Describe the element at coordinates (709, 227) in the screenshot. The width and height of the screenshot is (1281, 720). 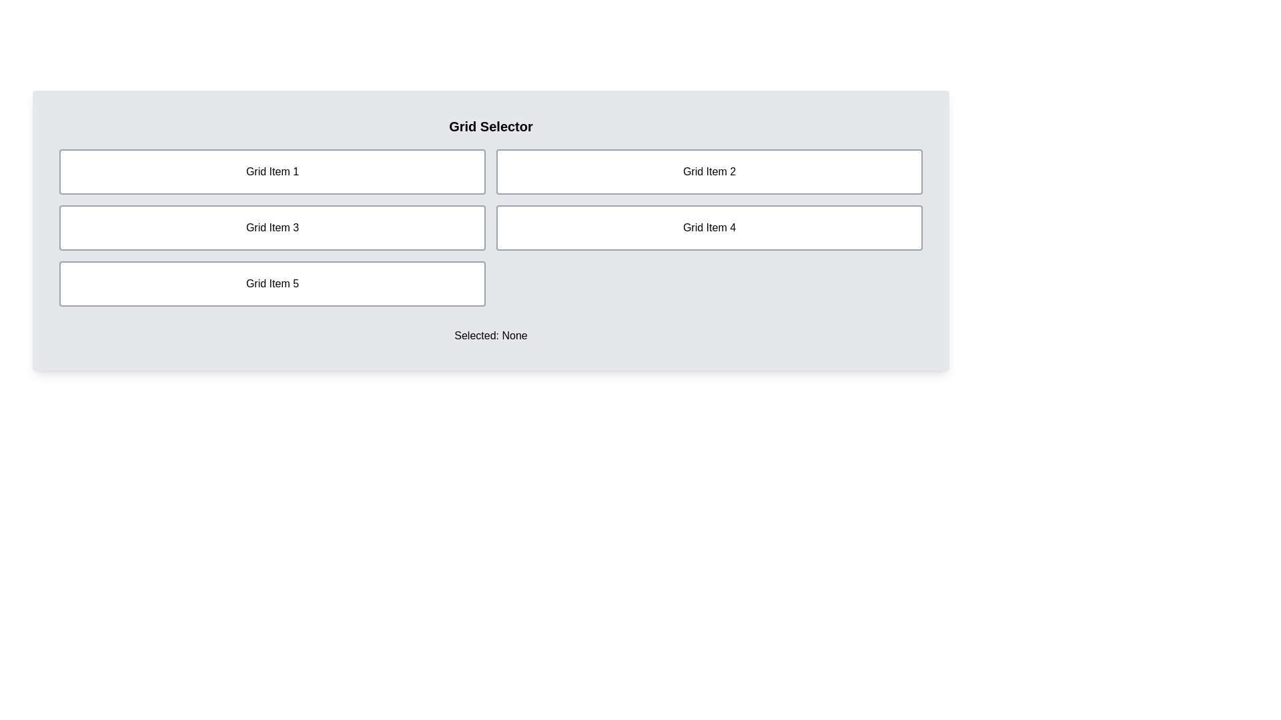
I see `the grid item labeled 'Grid Item 4'` at that location.